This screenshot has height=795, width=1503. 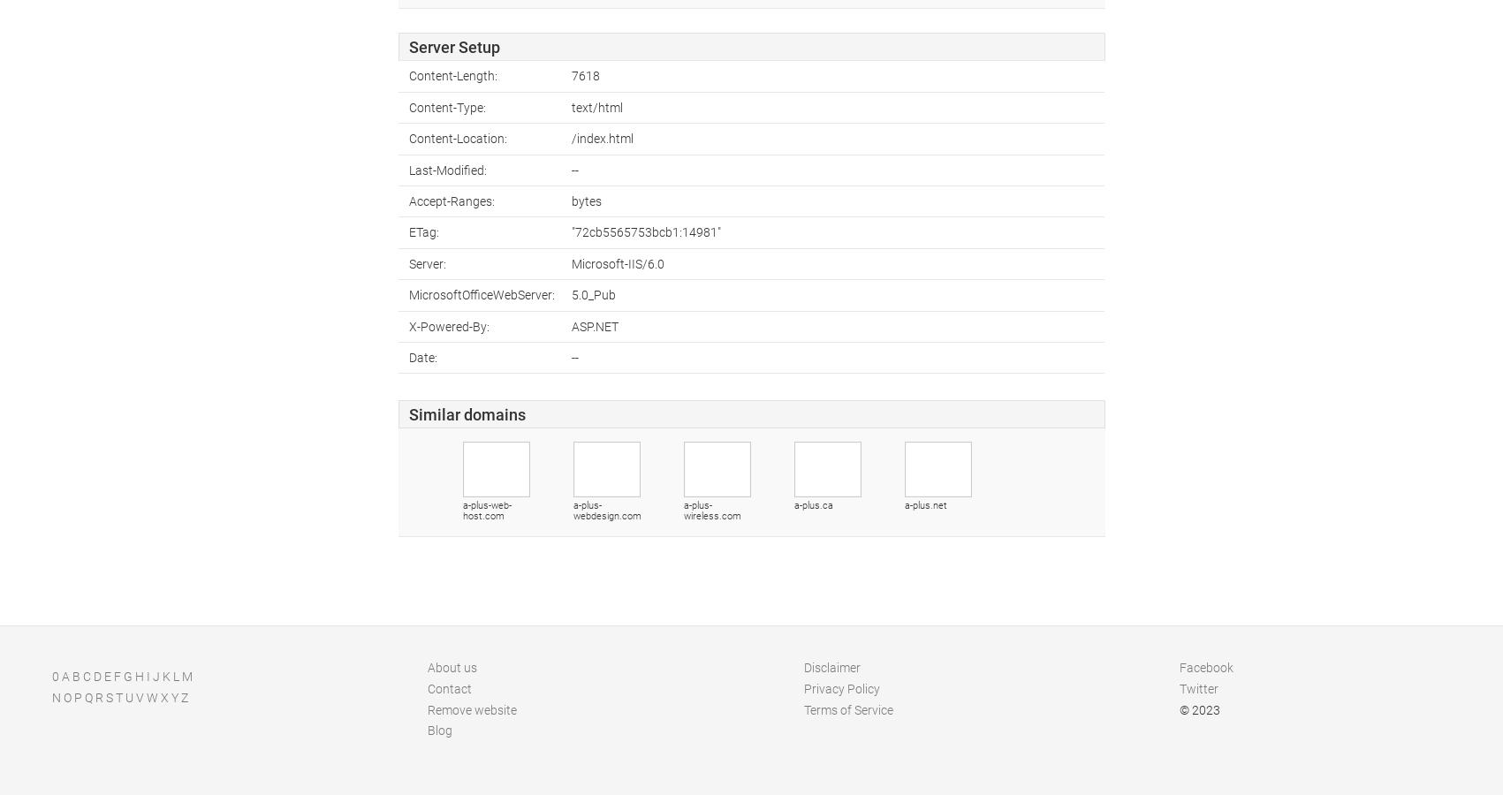 What do you see at coordinates (55, 675) in the screenshot?
I see `'0'` at bounding box center [55, 675].